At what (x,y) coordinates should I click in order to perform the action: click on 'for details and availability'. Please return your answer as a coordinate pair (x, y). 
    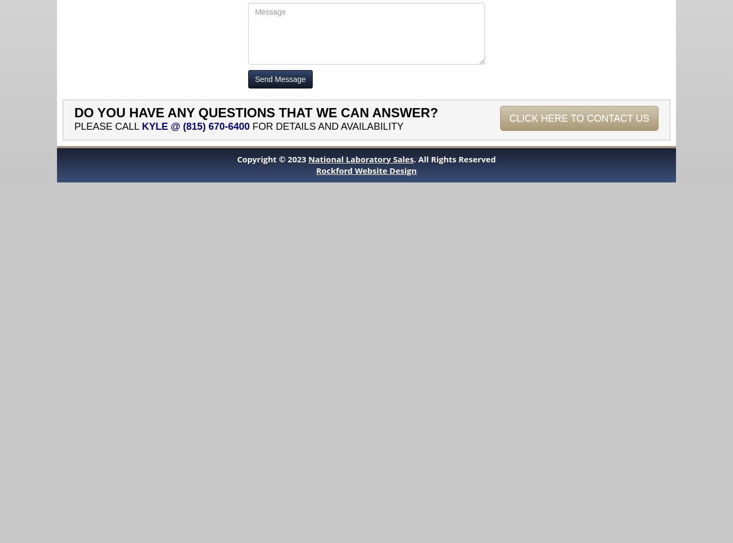
    Looking at the image, I should click on (326, 125).